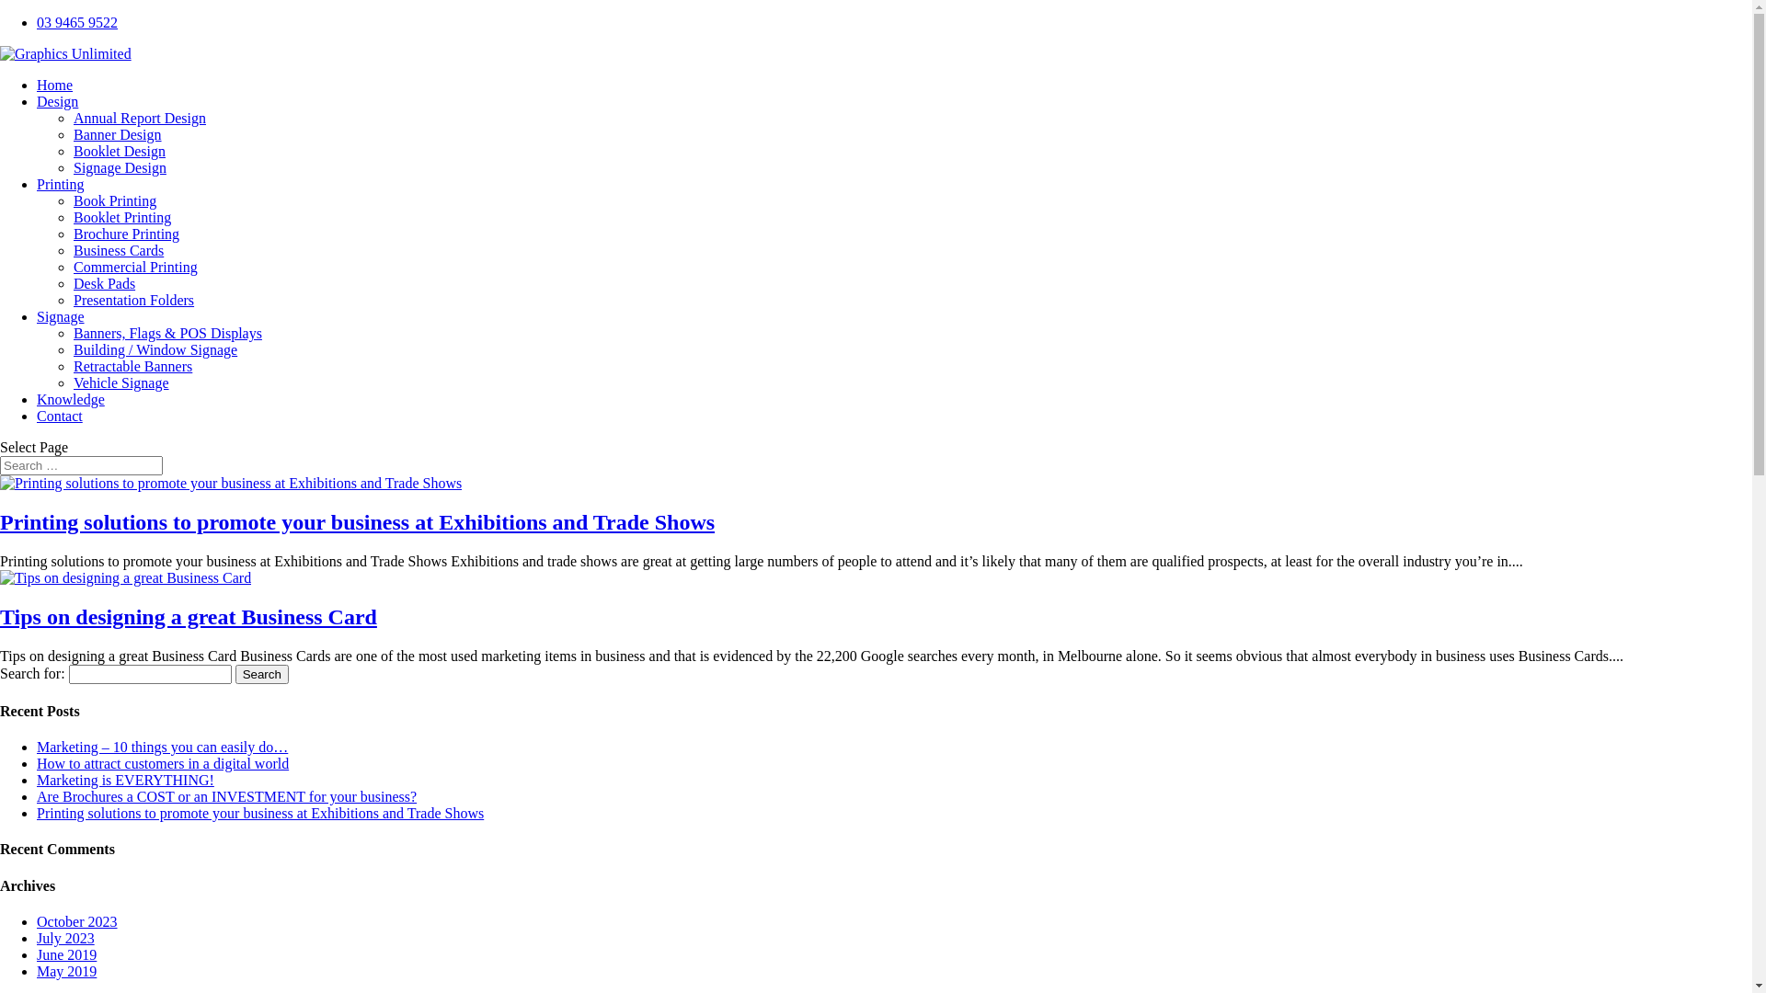  Describe the element at coordinates (61, 315) in the screenshot. I see `'Signage'` at that location.